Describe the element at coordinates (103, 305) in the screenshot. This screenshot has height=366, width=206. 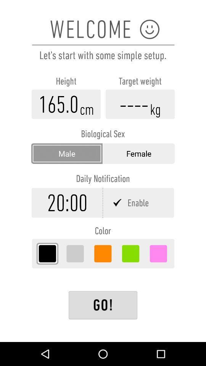
I see `go` at that location.